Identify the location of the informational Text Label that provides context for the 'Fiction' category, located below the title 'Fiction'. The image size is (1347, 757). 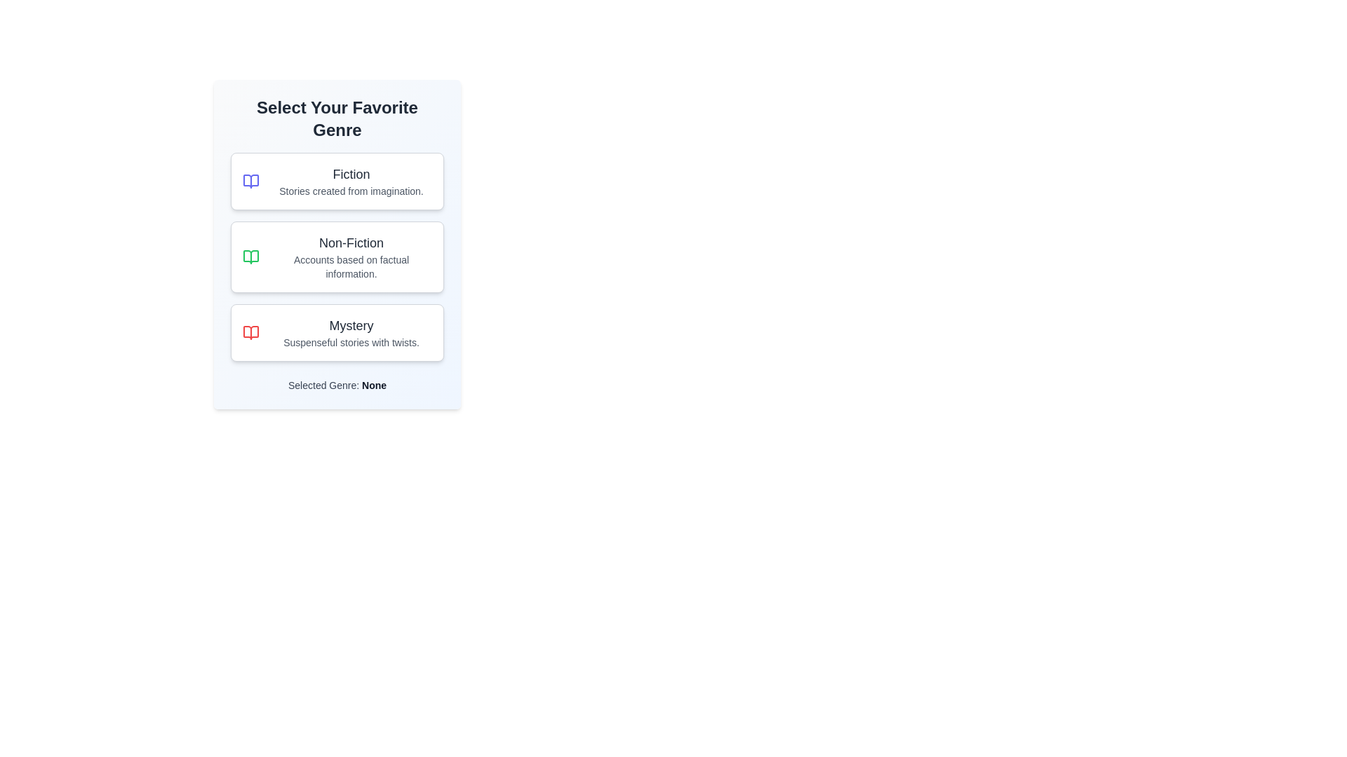
(351, 191).